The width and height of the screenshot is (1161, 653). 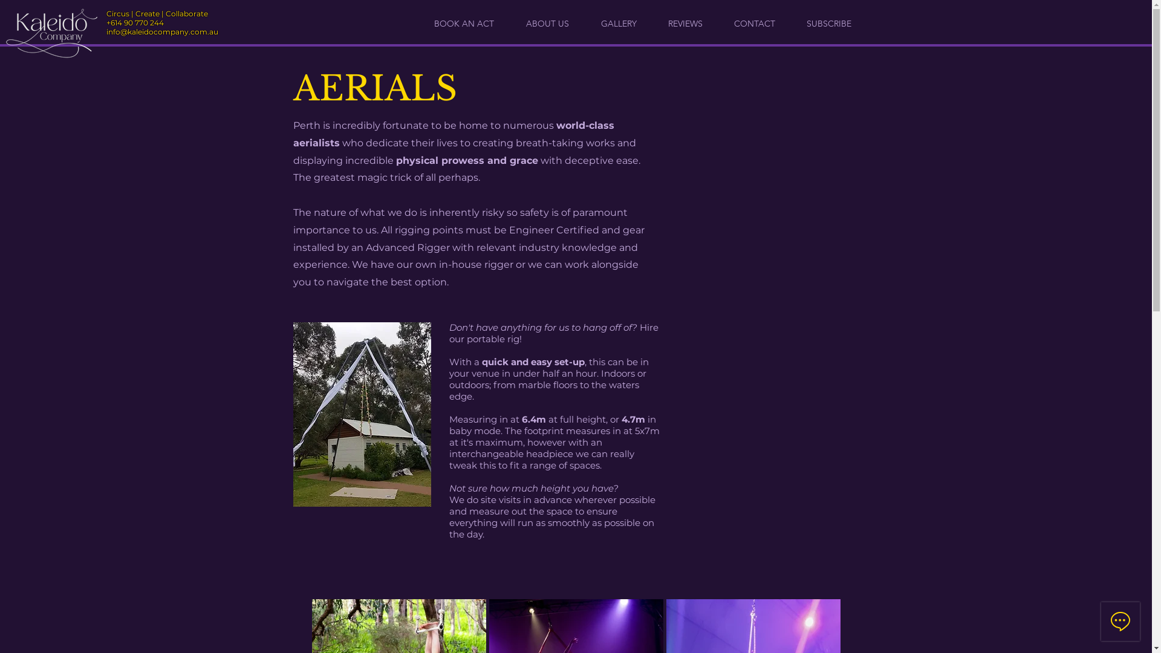 What do you see at coordinates (754, 23) in the screenshot?
I see `'CONTACT'` at bounding box center [754, 23].